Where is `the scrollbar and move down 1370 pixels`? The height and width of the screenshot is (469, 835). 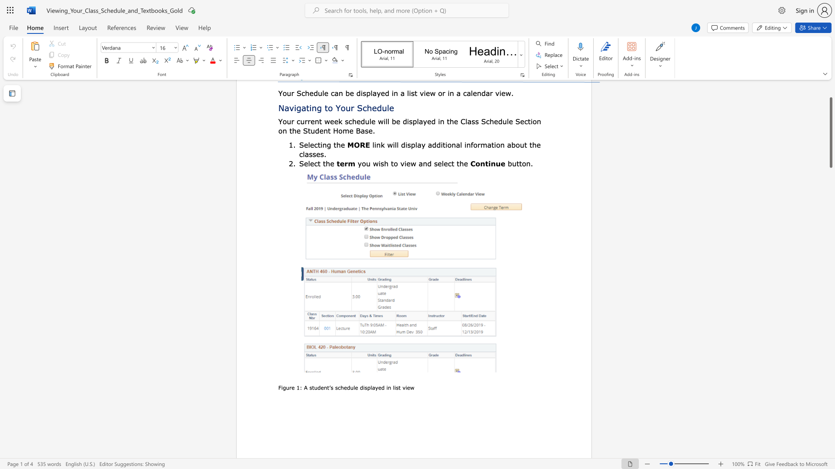 the scrollbar and move down 1370 pixels is located at coordinates (830, 132).